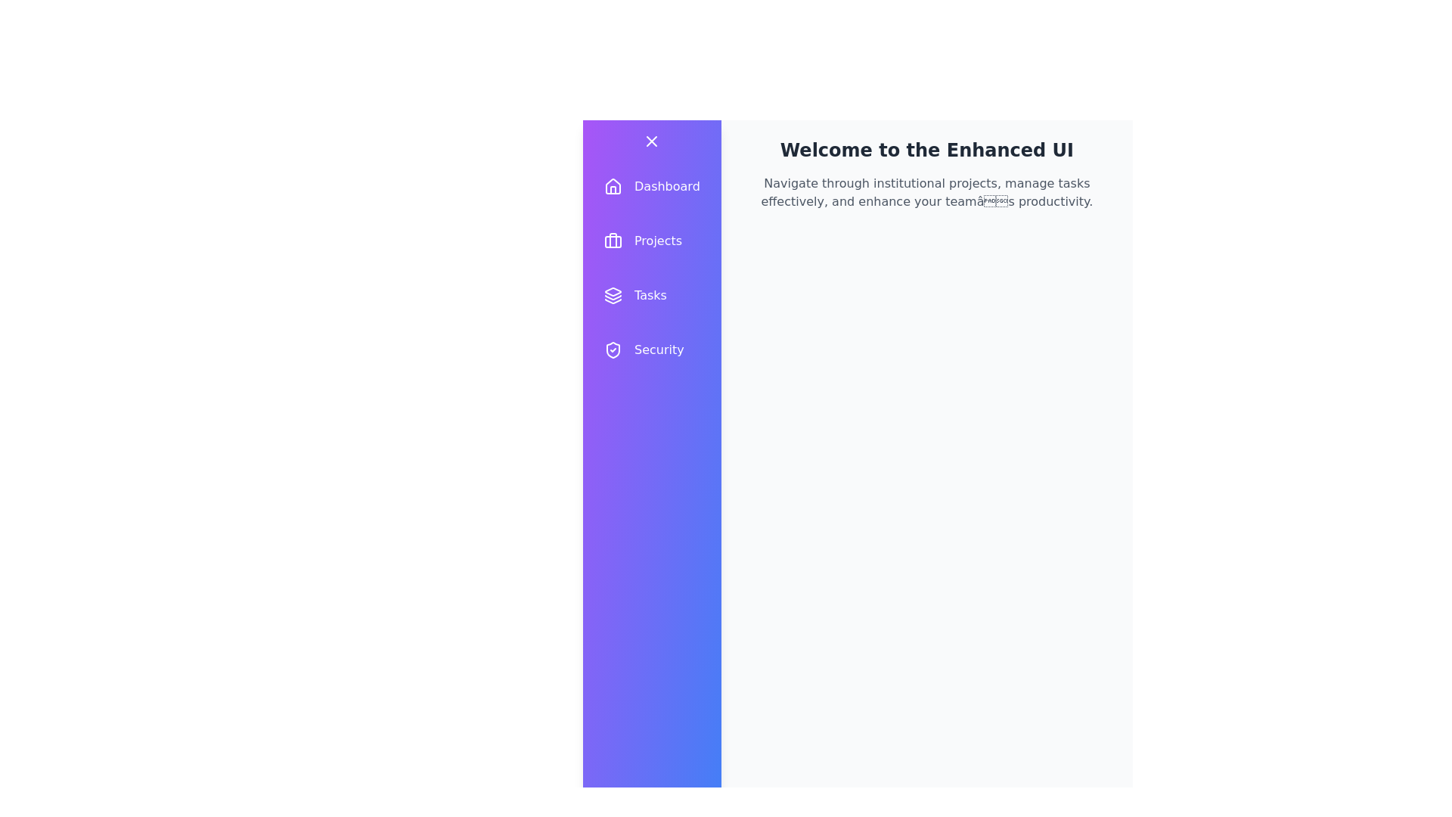 The image size is (1452, 817). Describe the element at coordinates (652, 141) in the screenshot. I see `the close button located at the top of the sidebar` at that location.